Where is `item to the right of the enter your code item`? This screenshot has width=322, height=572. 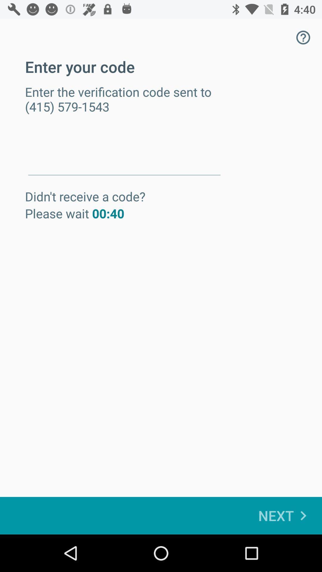
item to the right of the enter your code item is located at coordinates (303, 37).